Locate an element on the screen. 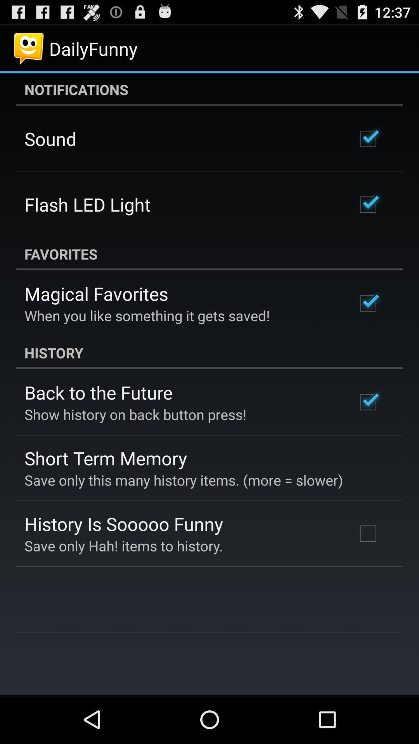  the flash led light is located at coordinates (87, 204).